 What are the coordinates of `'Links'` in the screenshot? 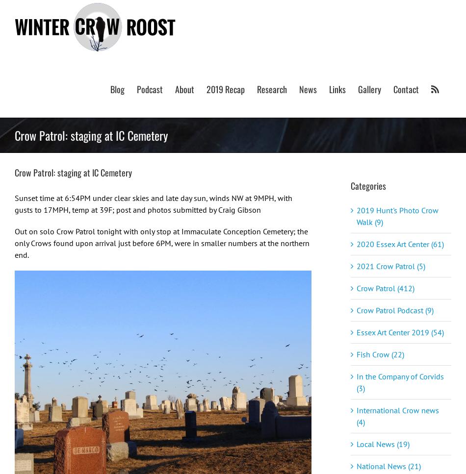 It's located at (329, 89).